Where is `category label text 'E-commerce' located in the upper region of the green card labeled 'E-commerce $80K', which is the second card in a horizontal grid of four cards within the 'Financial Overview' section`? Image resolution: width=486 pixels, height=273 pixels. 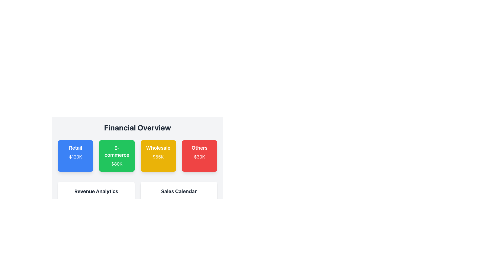
category label text 'E-commerce' located in the upper region of the green card labeled 'E-commerce $80K', which is the second card in a horizontal grid of four cards within the 'Financial Overview' section is located at coordinates (116, 151).